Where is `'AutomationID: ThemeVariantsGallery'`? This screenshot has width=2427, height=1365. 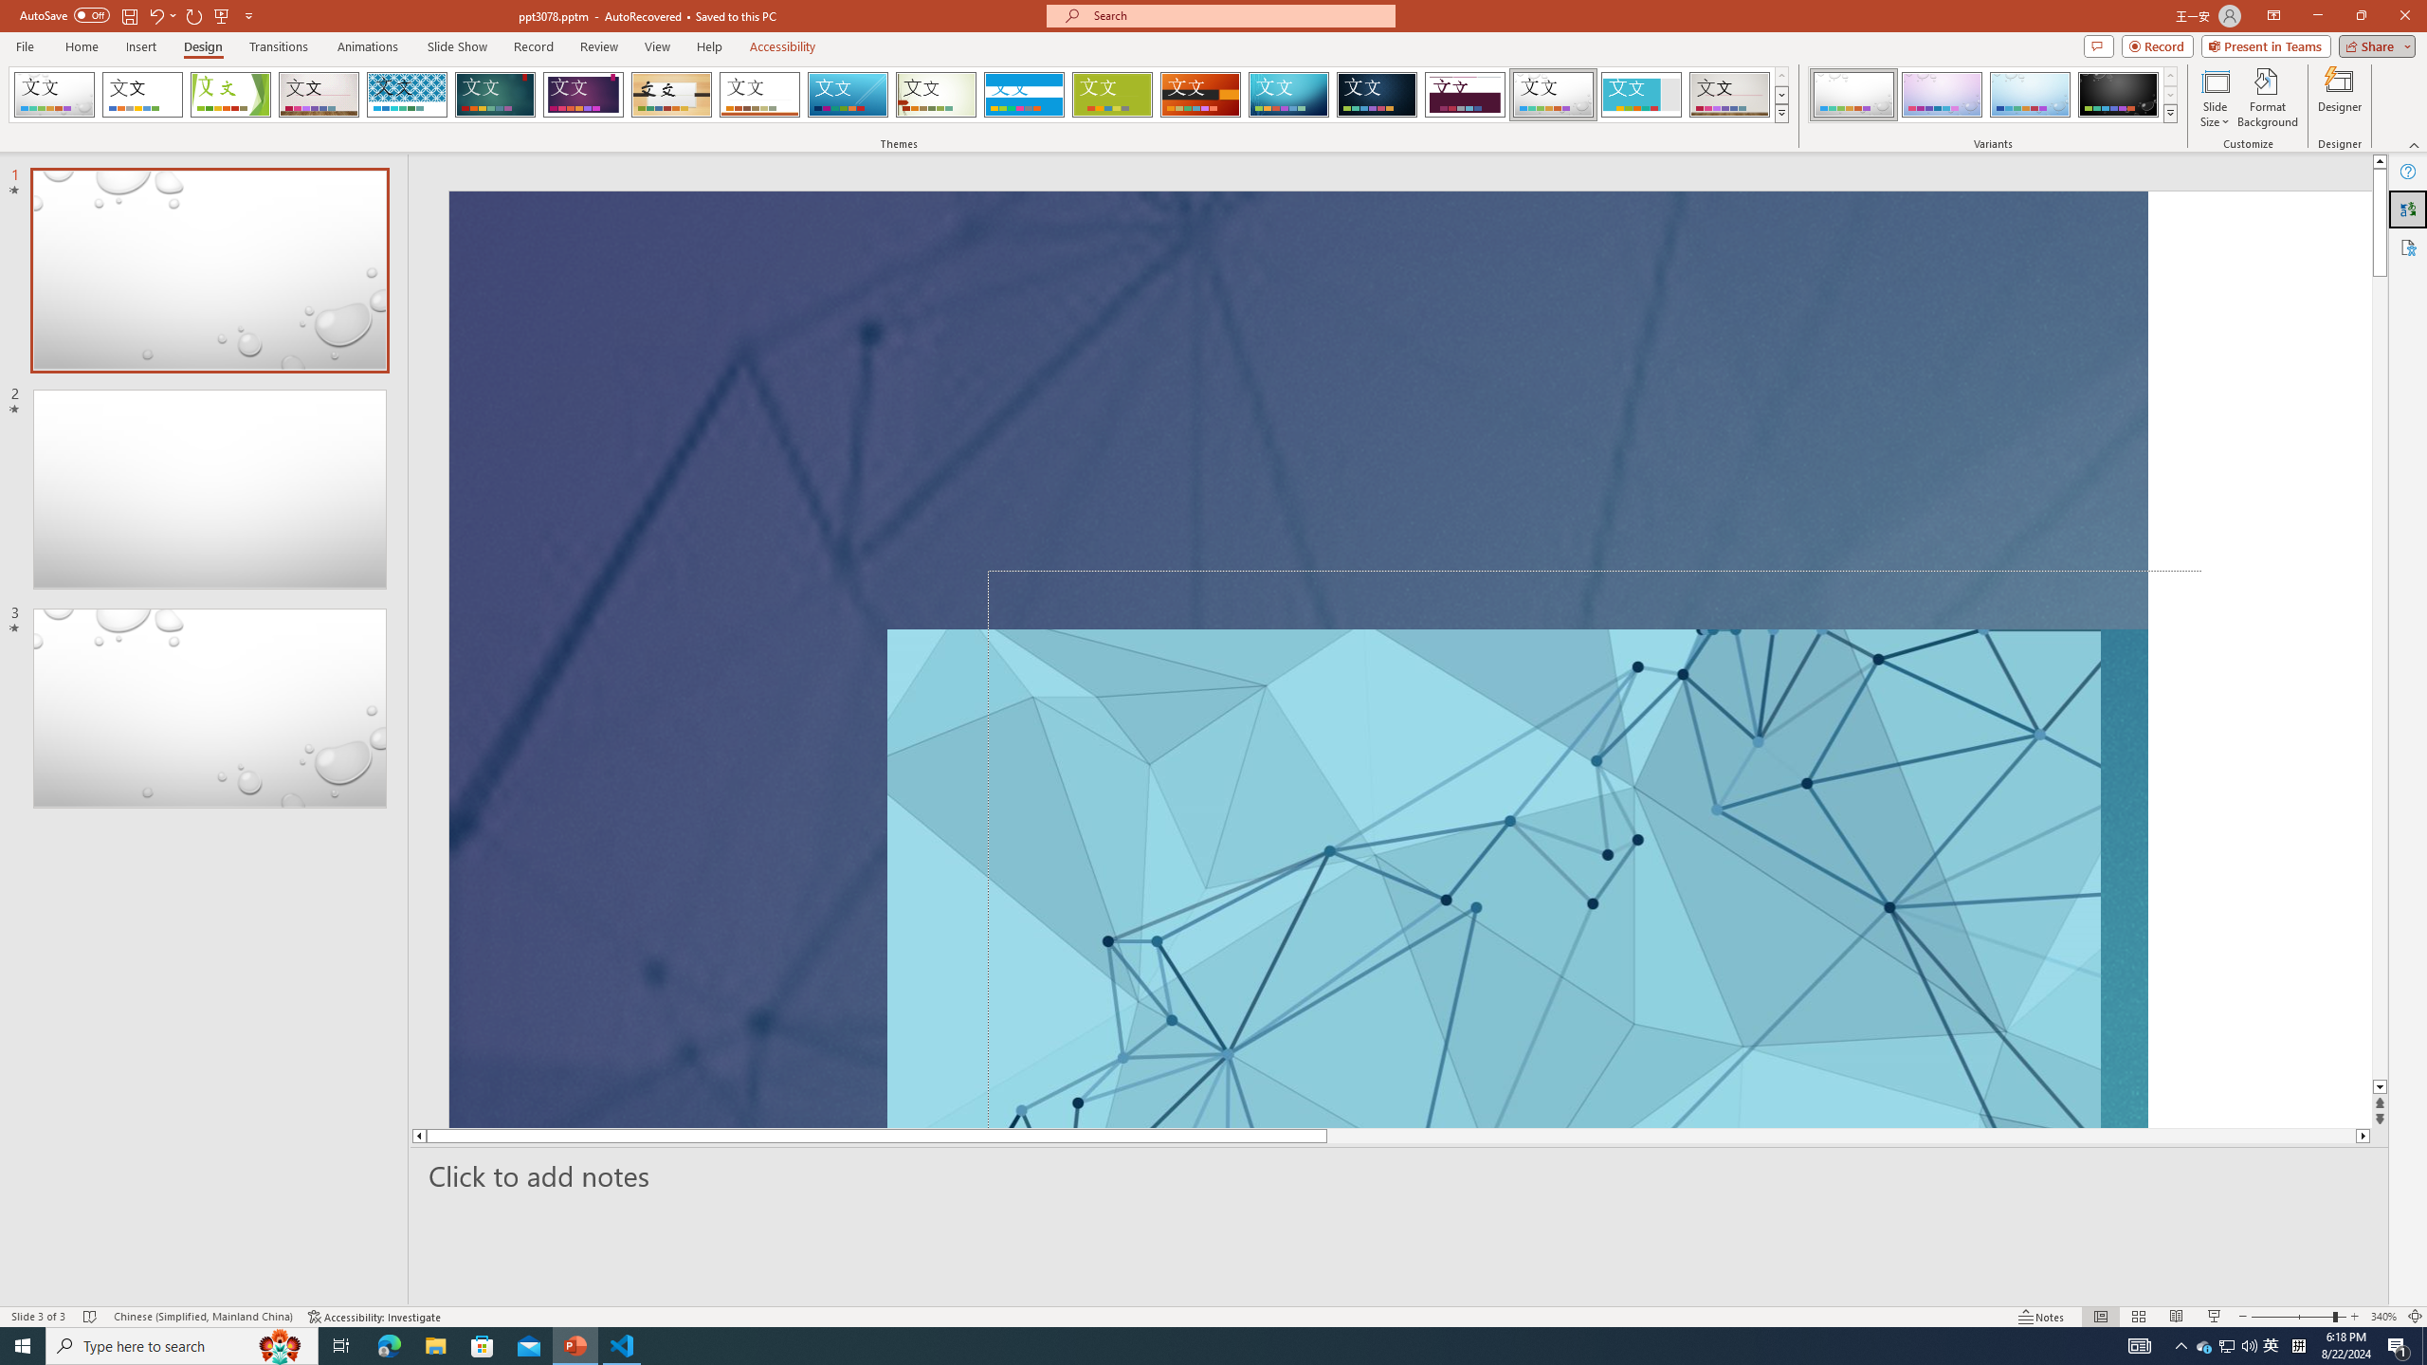
'AutomationID: ThemeVariantsGallery' is located at coordinates (1994, 94).